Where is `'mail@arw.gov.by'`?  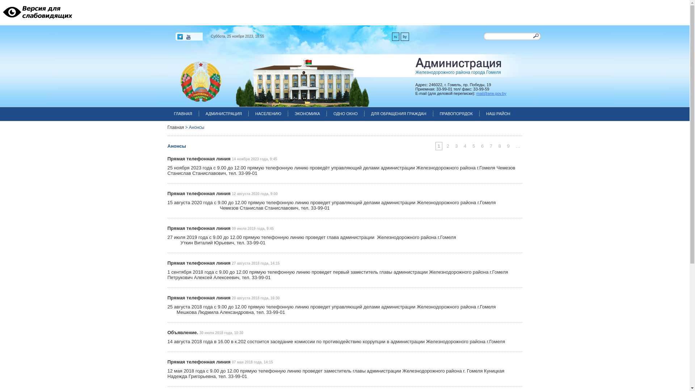 'mail@arw.gov.by' is located at coordinates (491, 93).